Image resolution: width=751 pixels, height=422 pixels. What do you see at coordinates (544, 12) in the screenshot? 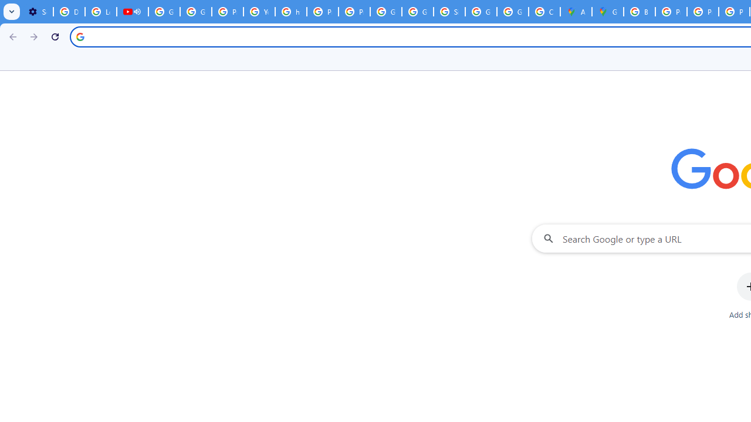
I see `'Create your Google Account'` at bounding box center [544, 12].